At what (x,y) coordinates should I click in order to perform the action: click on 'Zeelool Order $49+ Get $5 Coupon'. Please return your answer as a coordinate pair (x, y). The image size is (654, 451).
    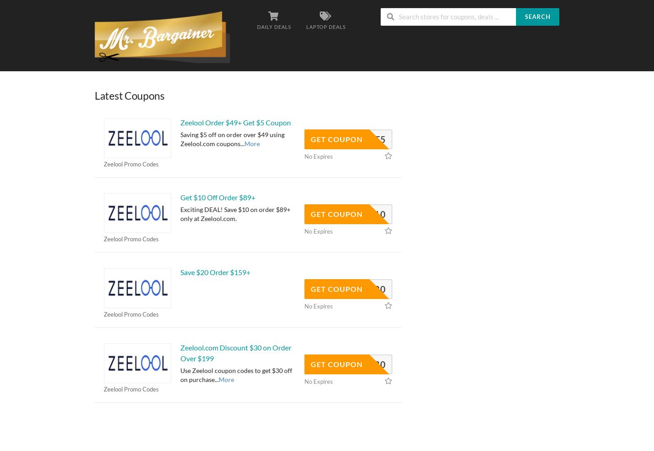
    Looking at the image, I should click on (235, 122).